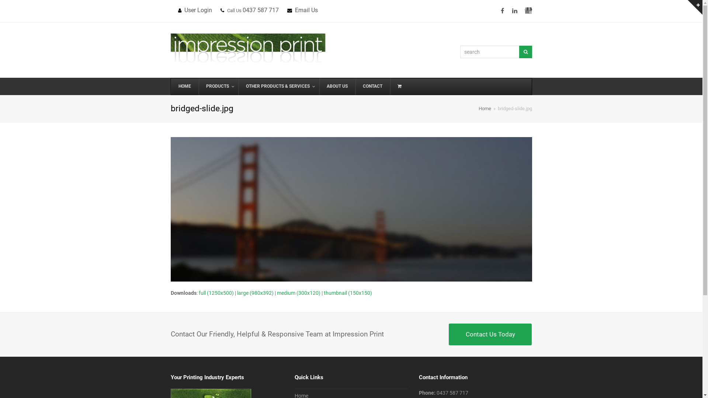 The height and width of the screenshot is (398, 708). Describe the element at coordinates (215, 292) in the screenshot. I see `'full (1250x500)'` at that location.